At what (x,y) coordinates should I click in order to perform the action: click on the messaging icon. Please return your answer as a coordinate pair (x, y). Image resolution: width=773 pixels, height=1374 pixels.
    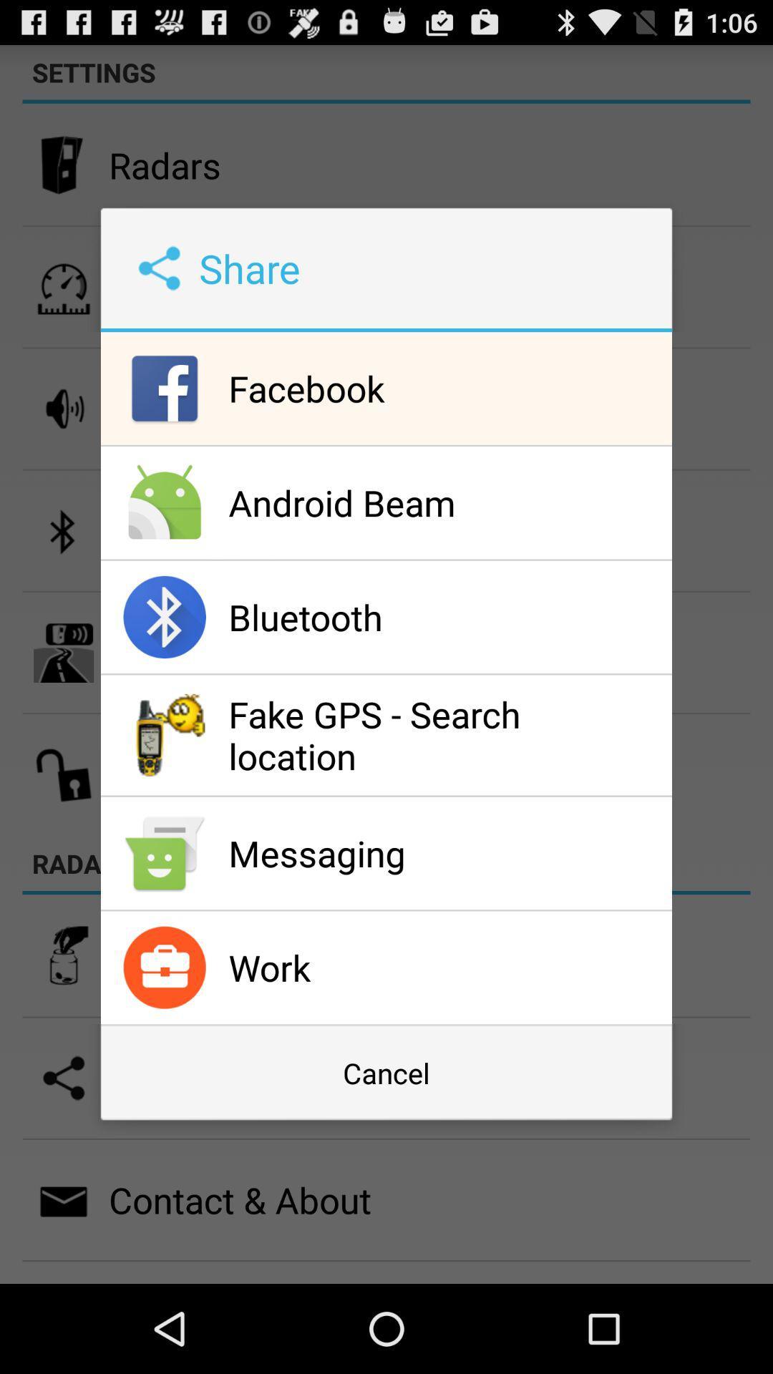
    Looking at the image, I should click on (446, 853).